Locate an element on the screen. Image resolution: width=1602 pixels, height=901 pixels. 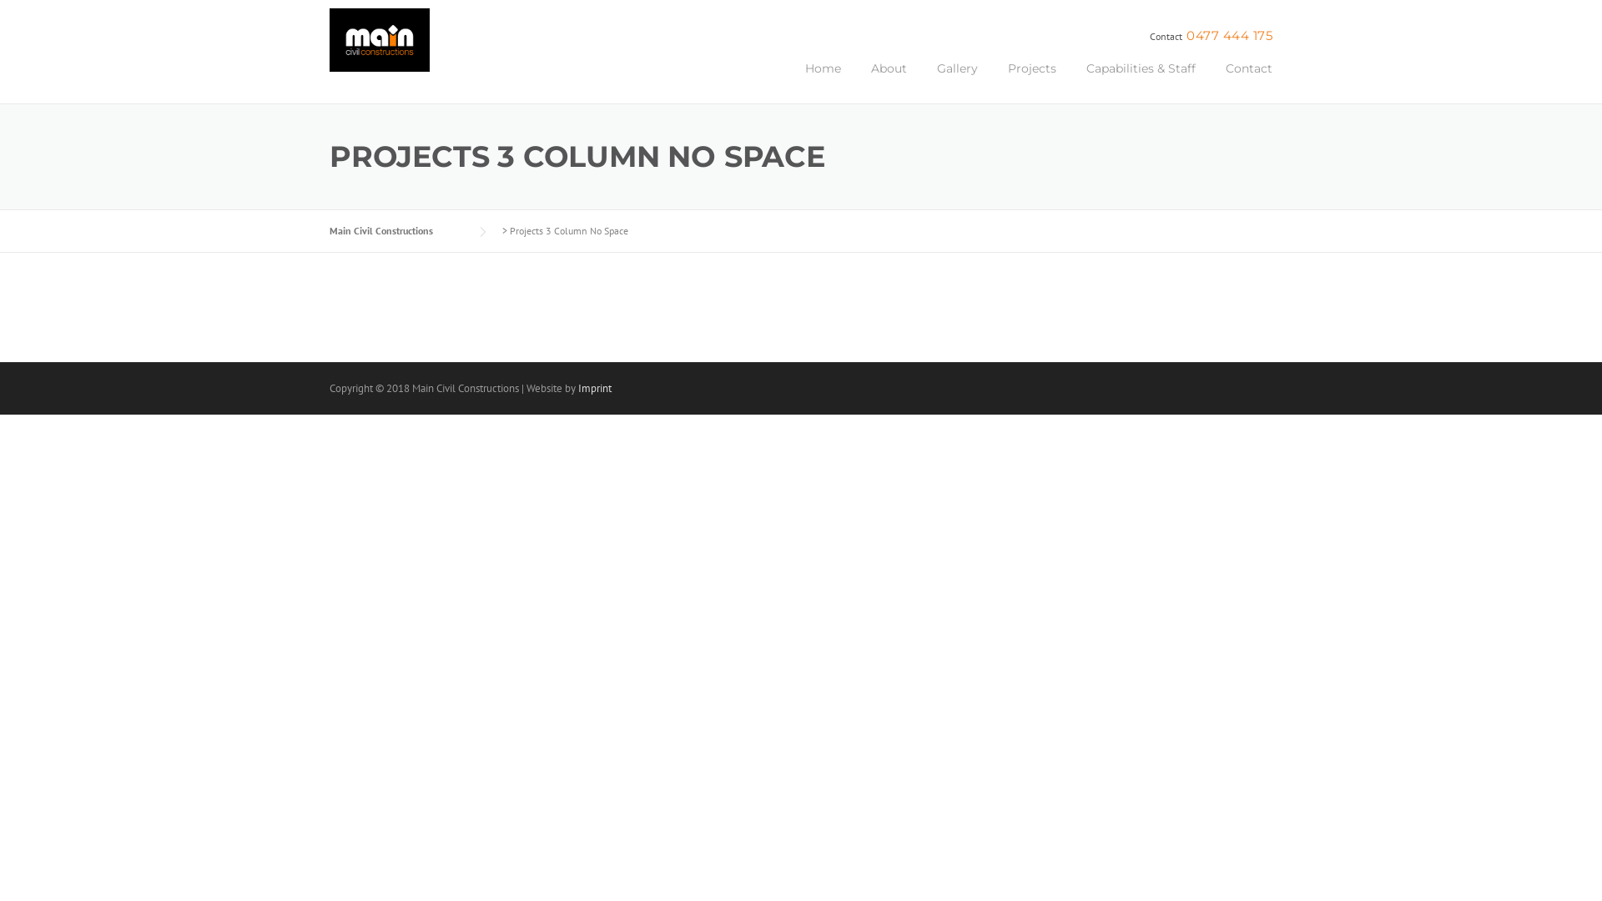
'Capabilities & Staff' is located at coordinates (1140, 80).